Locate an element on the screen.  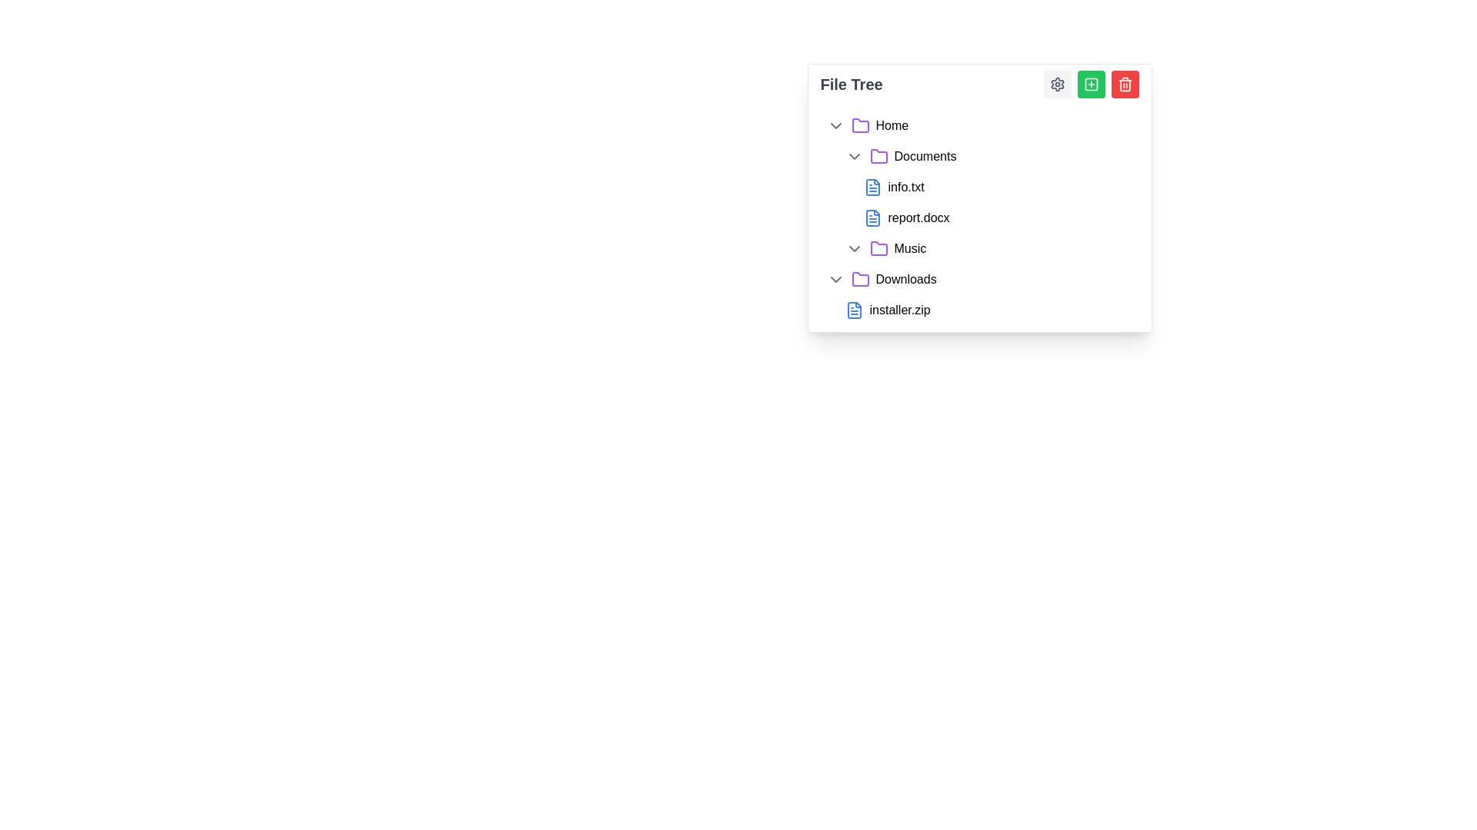
the 'report.docx' file entry in the file tree is located at coordinates (979, 218).